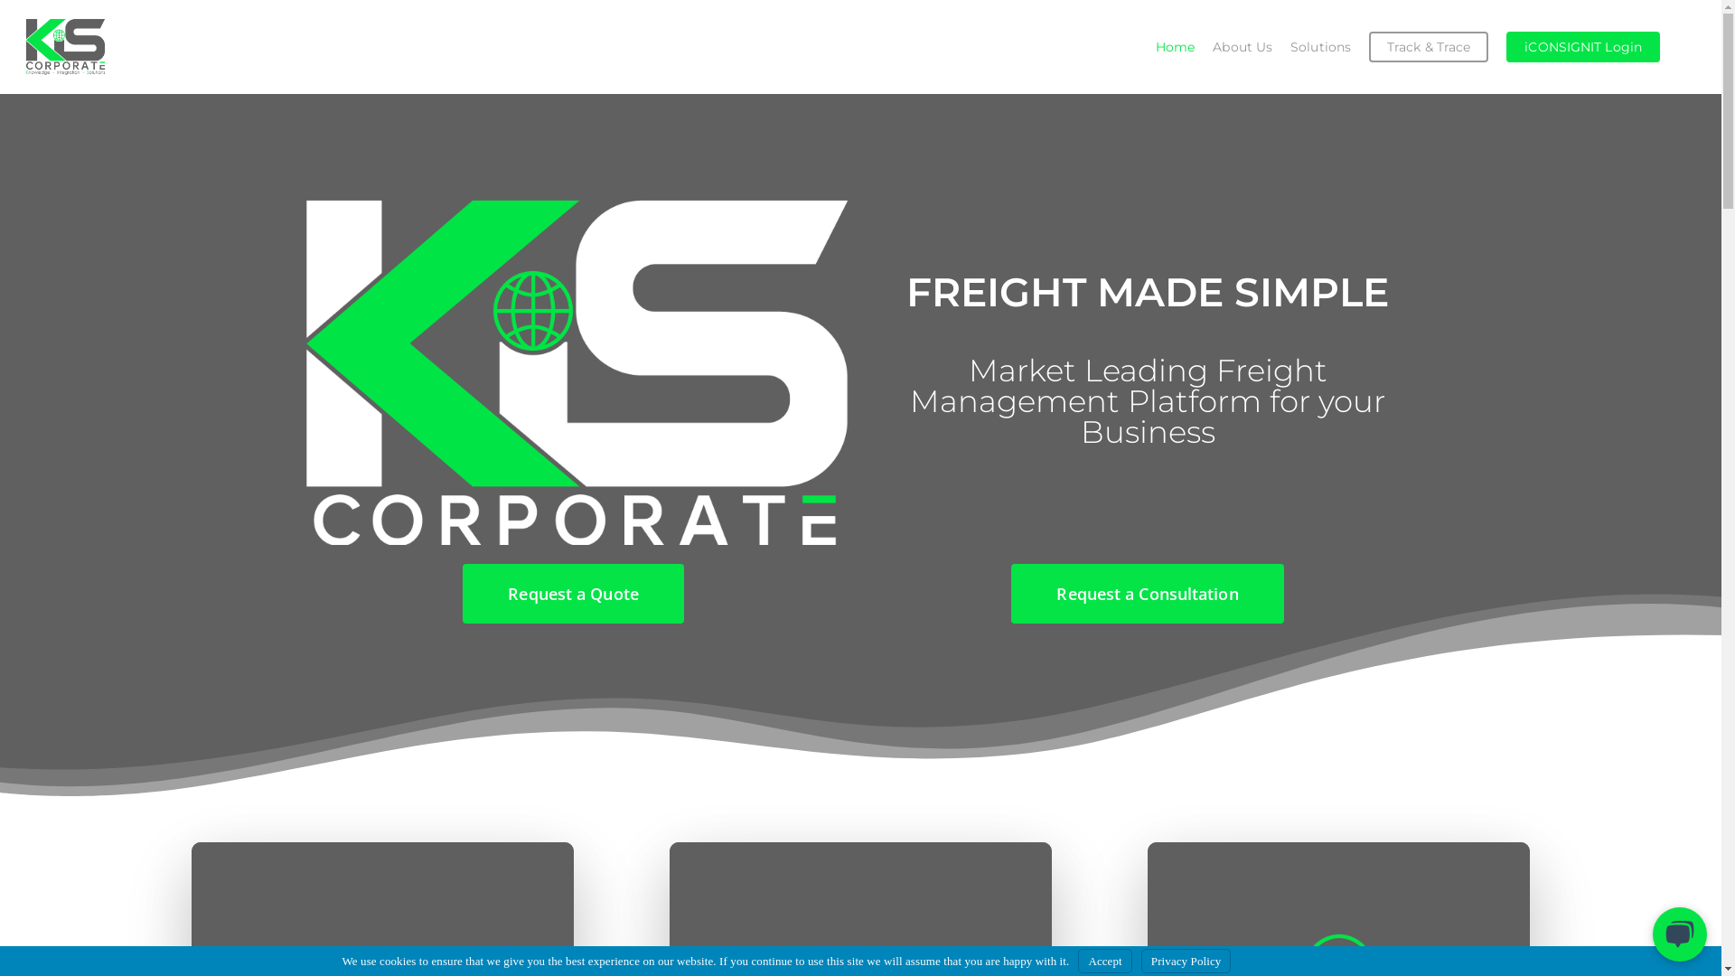  What do you see at coordinates (1320, 45) in the screenshot?
I see `'Solutions'` at bounding box center [1320, 45].